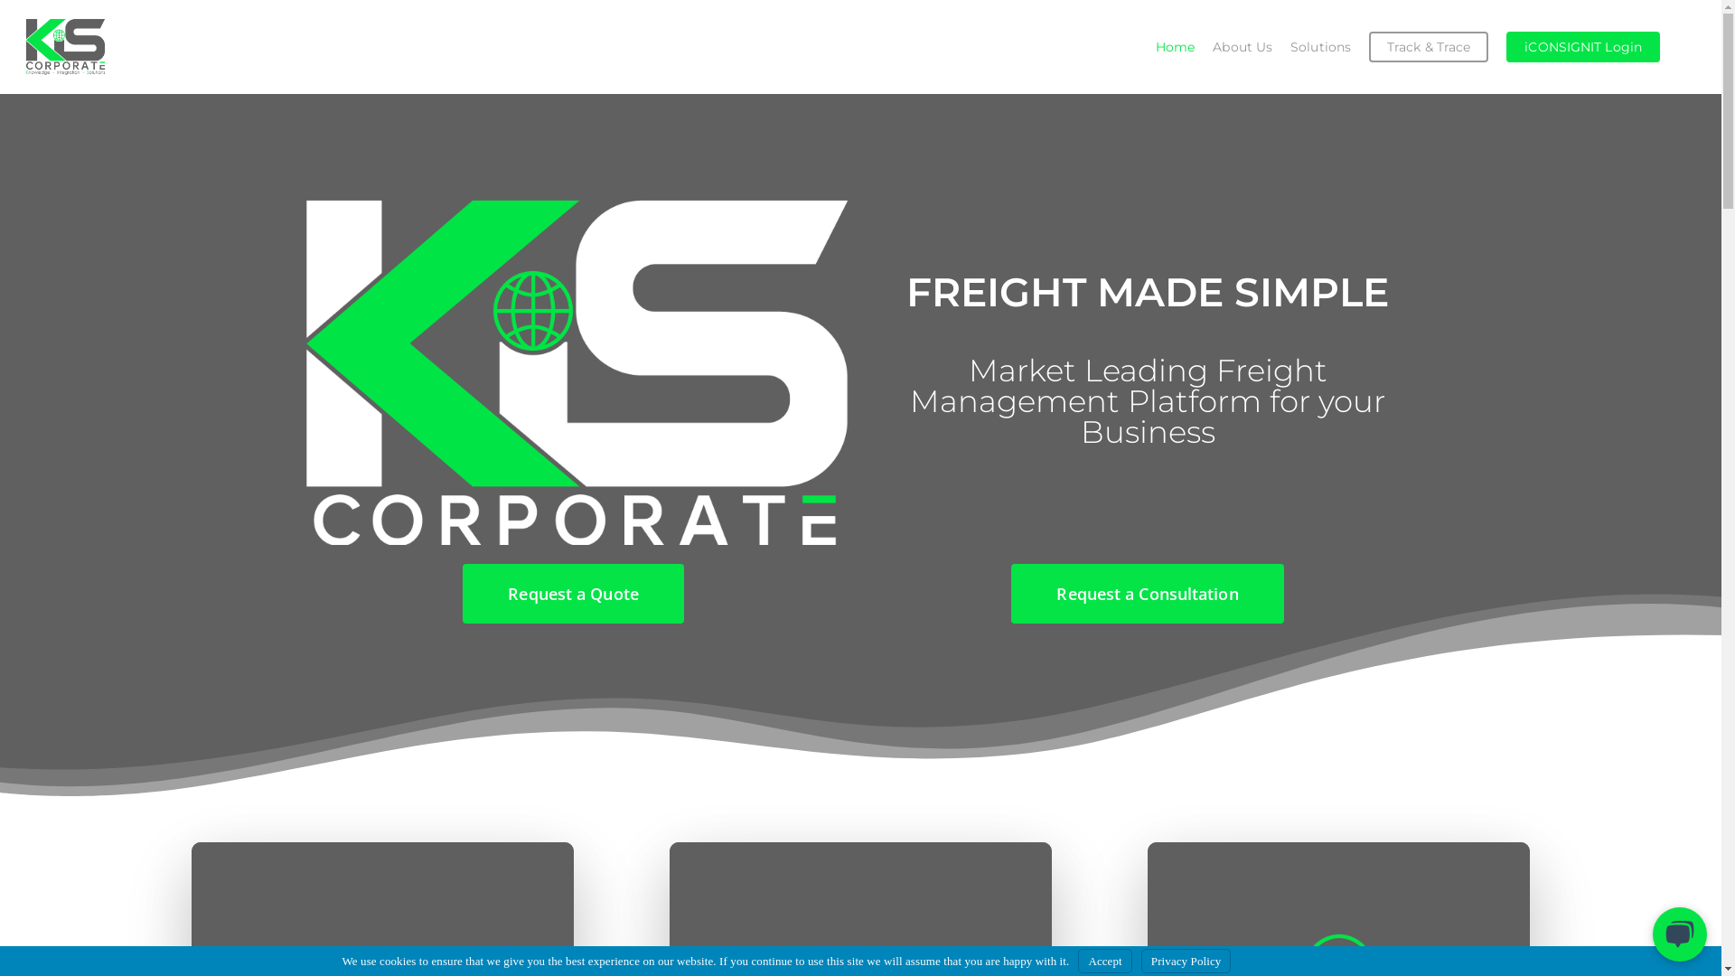  What do you see at coordinates (1320, 45) in the screenshot?
I see `'Solutions'` at bounding box center [1320, 45].